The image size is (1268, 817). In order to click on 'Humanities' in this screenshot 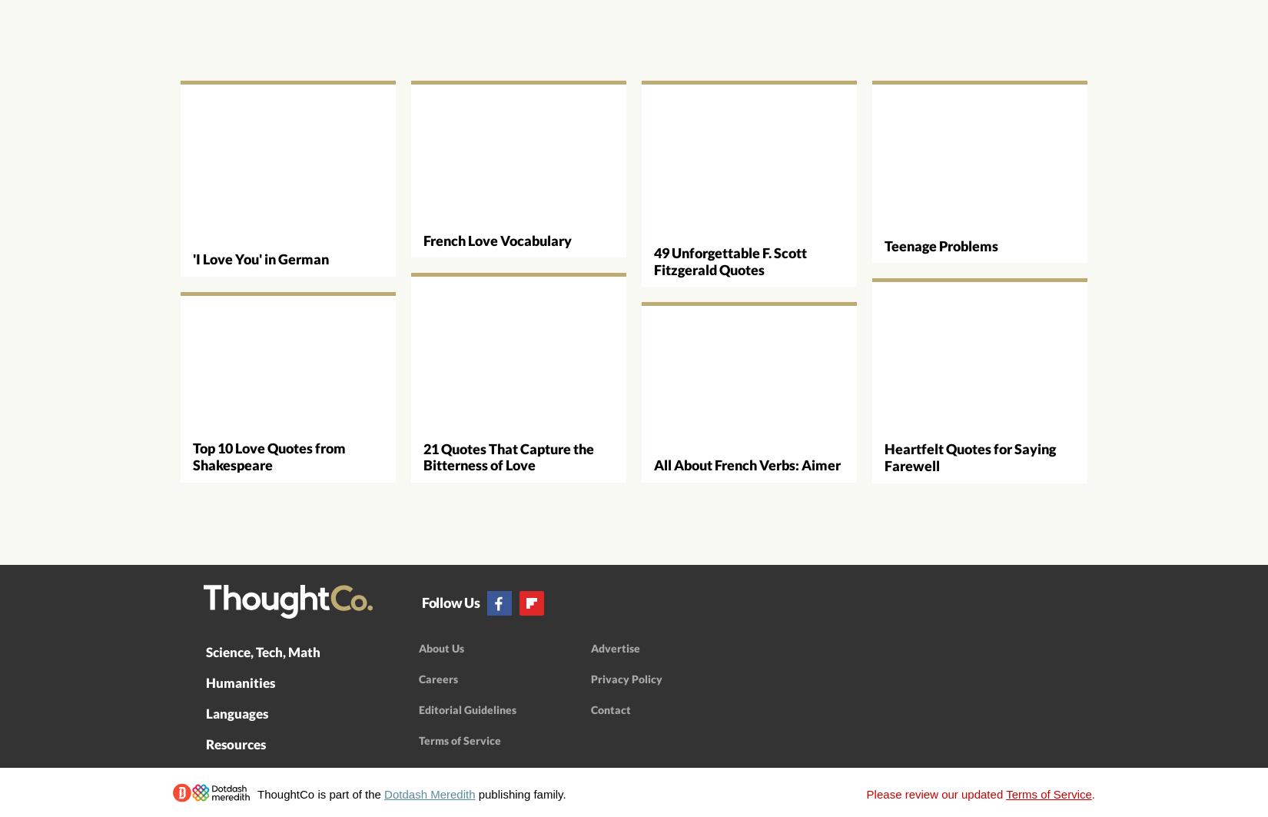, I will do `click(205, 681)`.